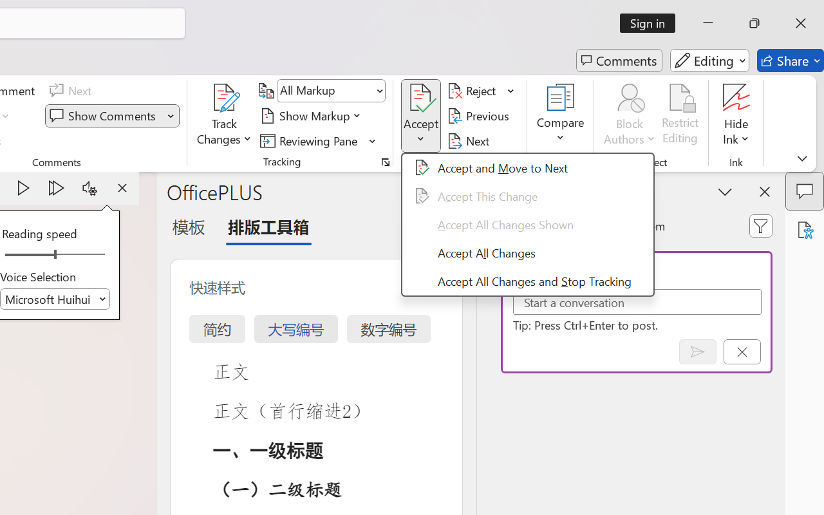 The width and height of the screenshot is (824, 515). I want to click on 'Editing', so click(709, 61).